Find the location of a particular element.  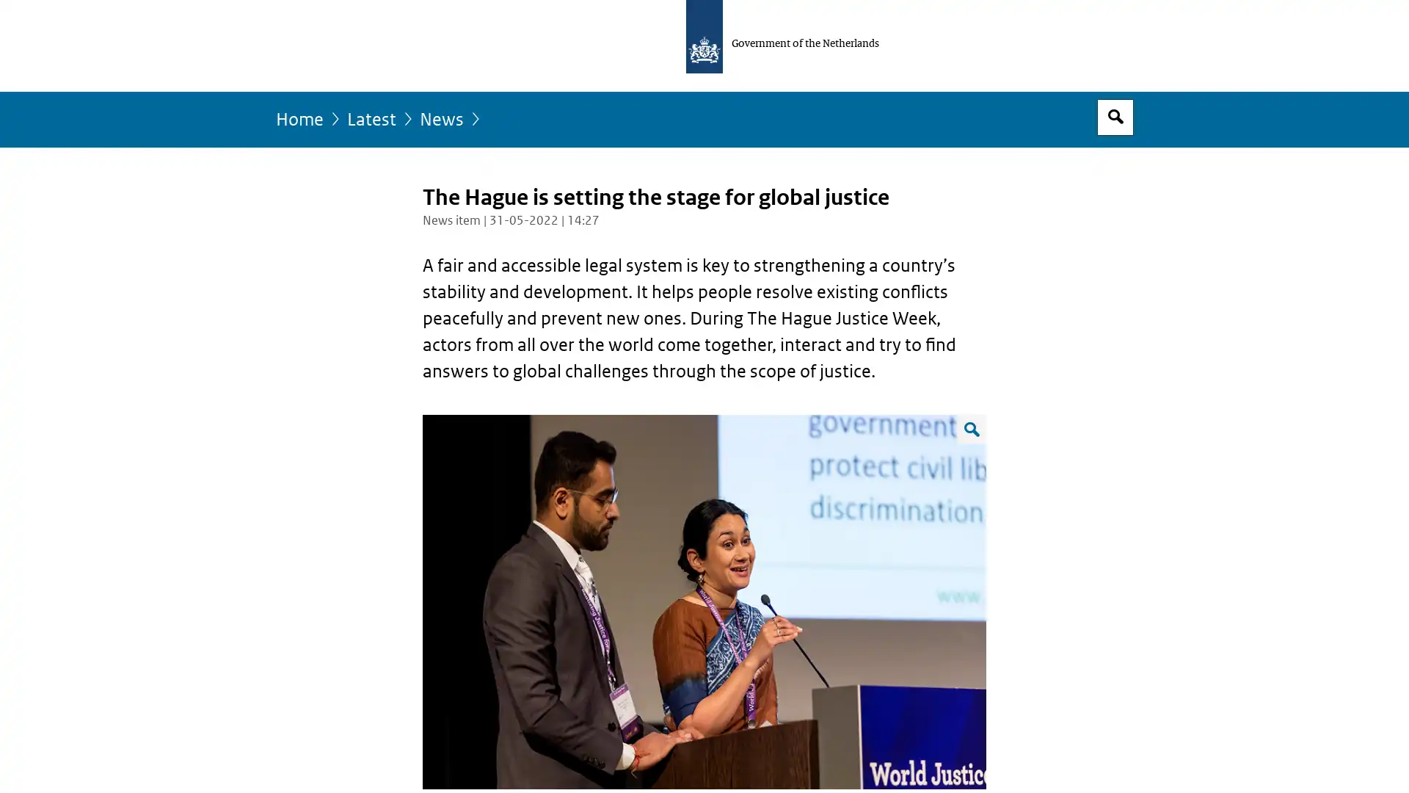

Open search box is located at coordinates (1115, 116).